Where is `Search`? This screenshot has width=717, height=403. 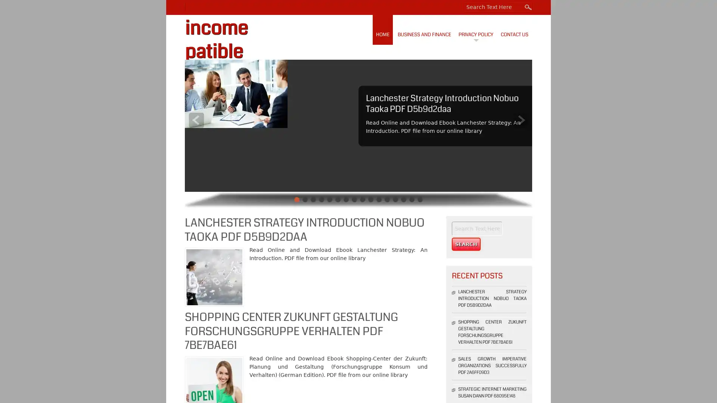 Search is located at coordinates (466, 244).